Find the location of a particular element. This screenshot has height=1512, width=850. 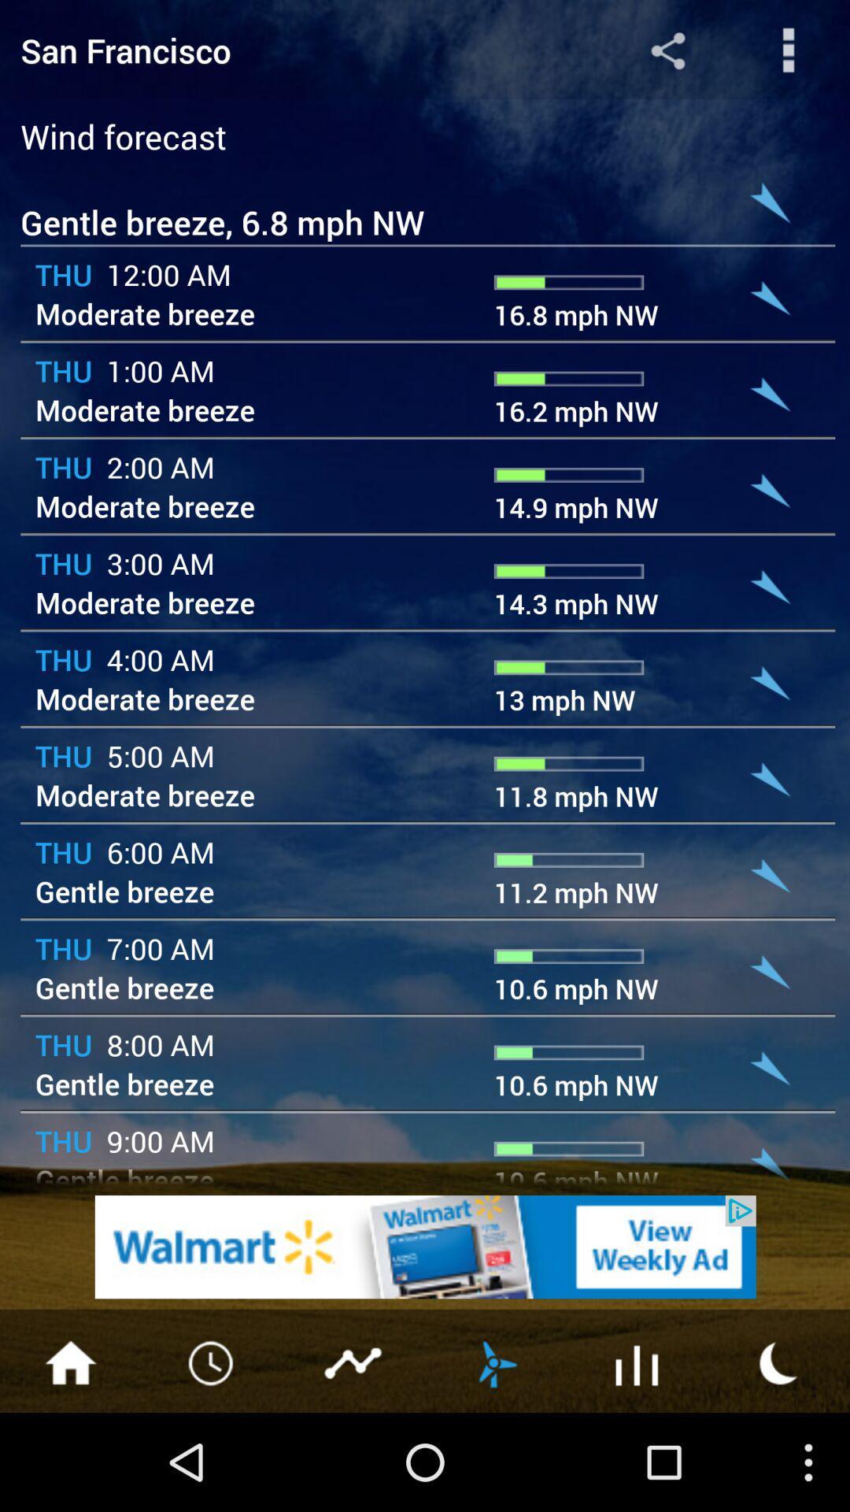

the more icon is located at coordinates (789, 54).